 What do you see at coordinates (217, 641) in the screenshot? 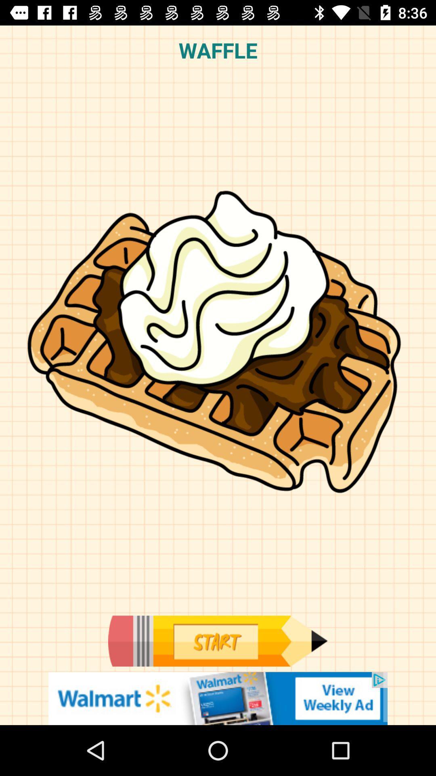
I see `start button` at bounding box center [217, 641].